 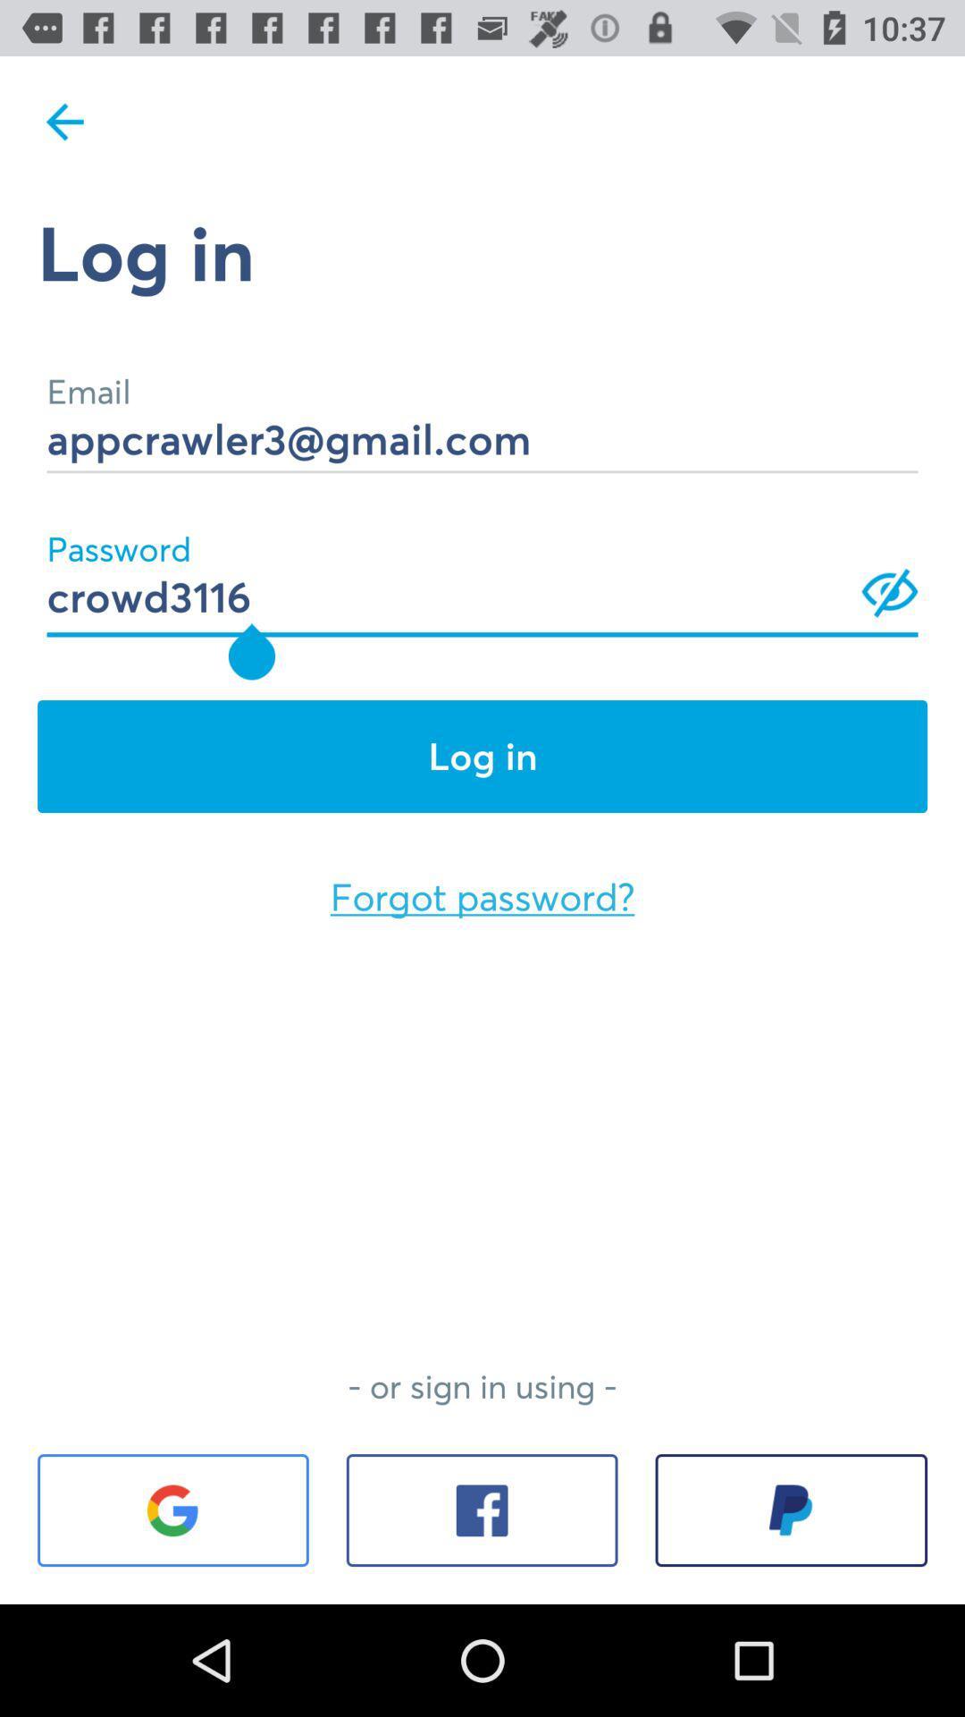 What do you see at coordinates (790, 1510) in the screenshot?
I see `the icon at the bottom right corner` at bounding box center [790, 1510].